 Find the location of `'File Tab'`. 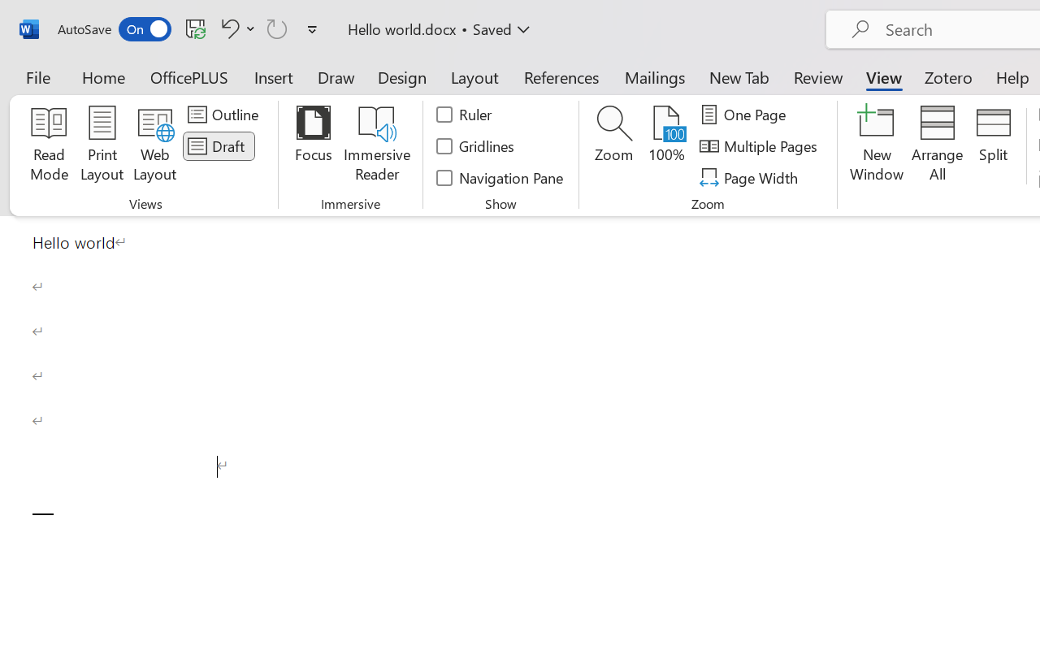

'File Tab' is located at coordinates (37, 76).